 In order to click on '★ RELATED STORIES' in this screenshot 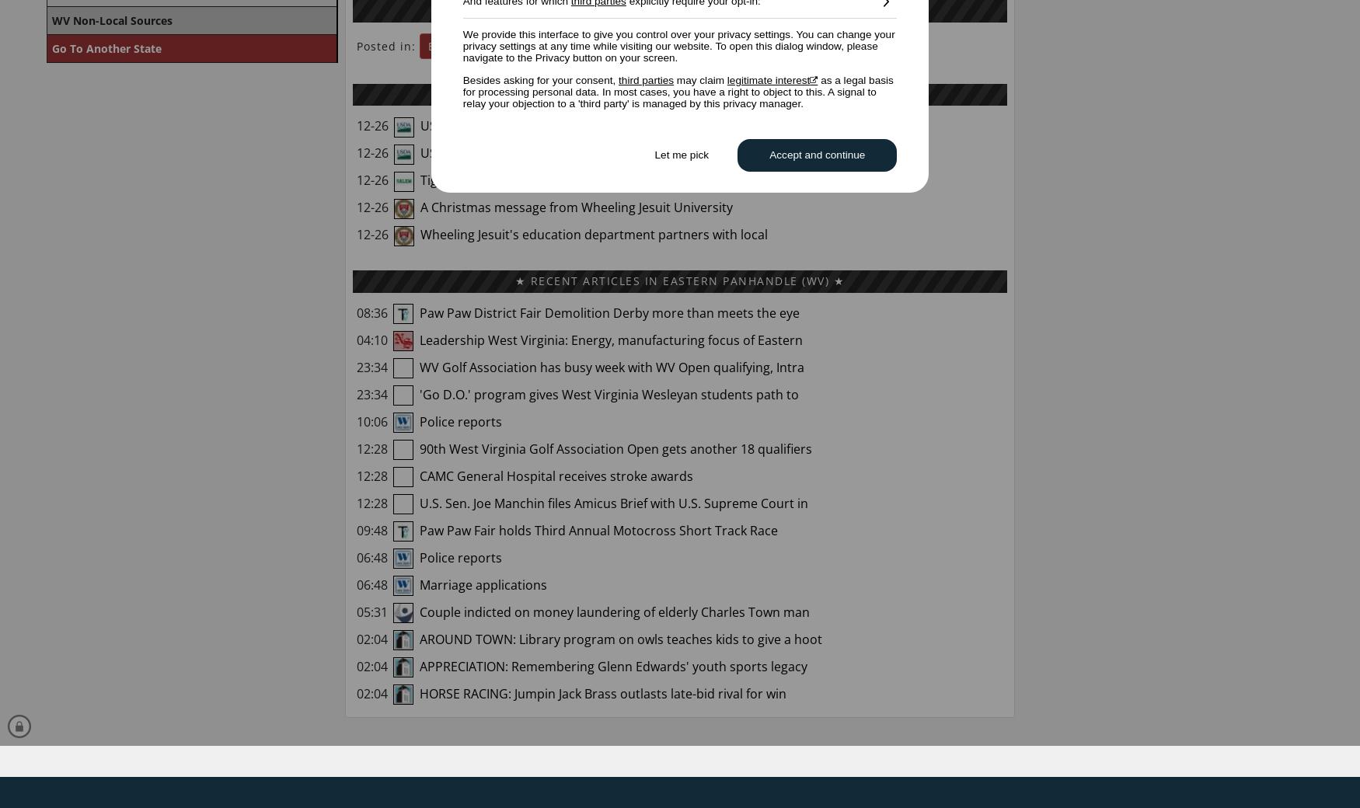, I will do `click(615, 92)`.